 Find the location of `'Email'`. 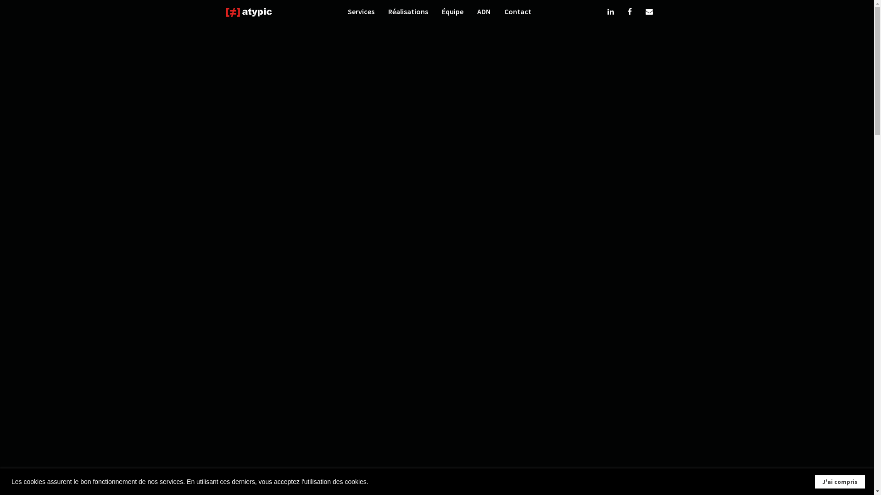

'Email' is located at coordinates (648, 12).